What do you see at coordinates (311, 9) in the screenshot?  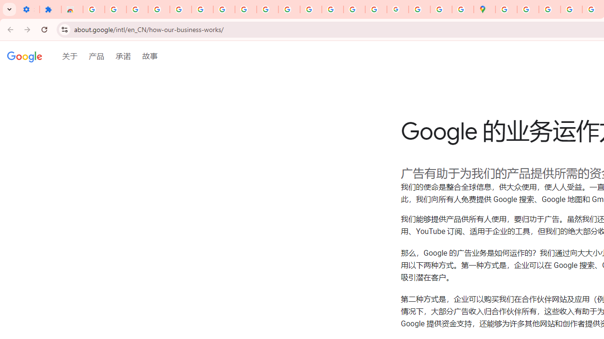 I see `'https://scholar.google.com/'` at bounding box center [311, 9].